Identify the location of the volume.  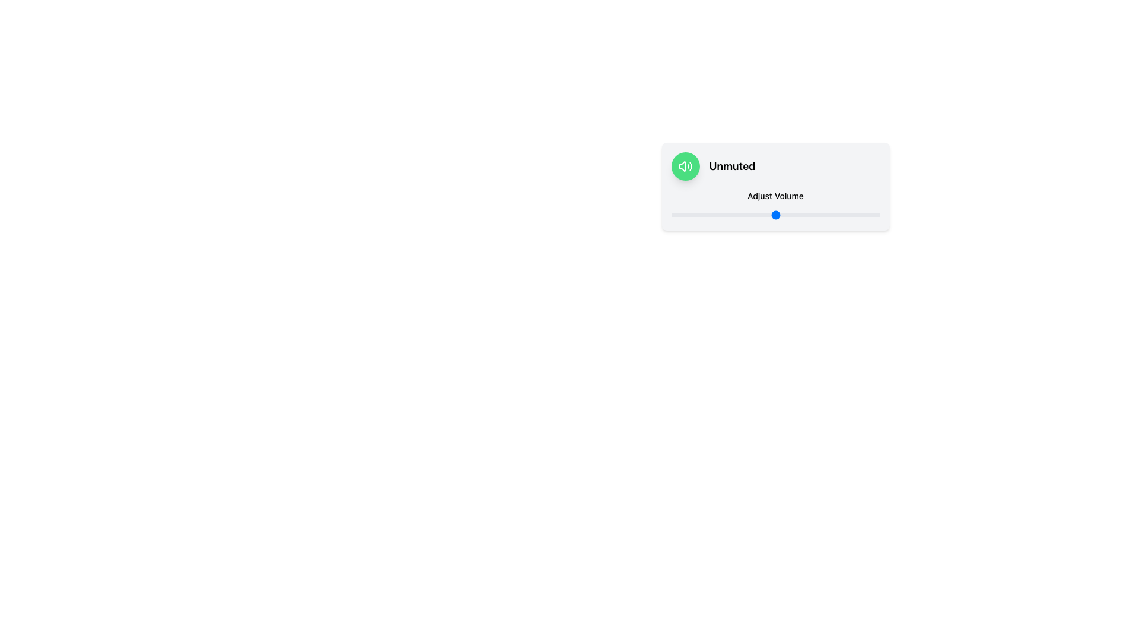
(720, 215).